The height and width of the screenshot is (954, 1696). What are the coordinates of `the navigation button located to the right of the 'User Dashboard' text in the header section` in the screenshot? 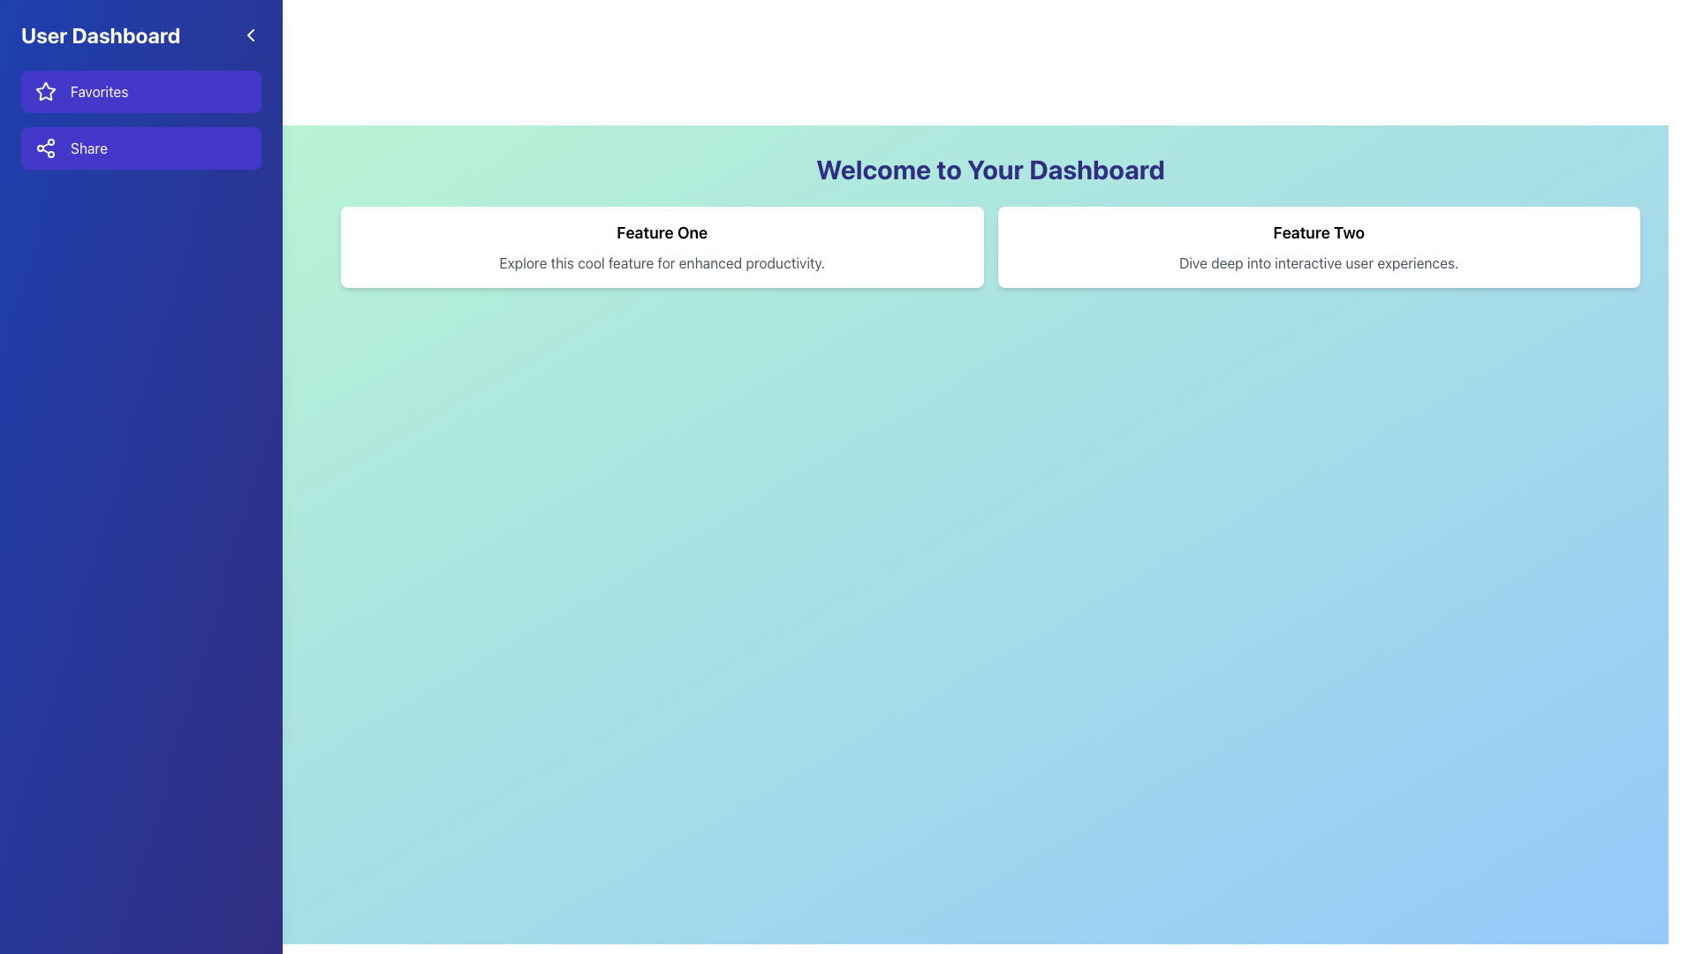 It's located at (249, 34).